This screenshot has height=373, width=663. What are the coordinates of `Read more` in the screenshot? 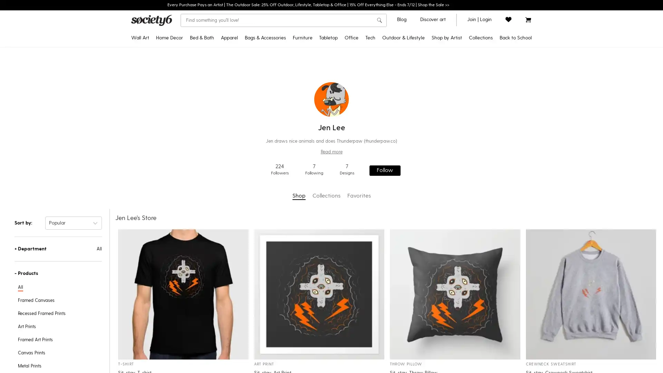 It's located at (331, 152).